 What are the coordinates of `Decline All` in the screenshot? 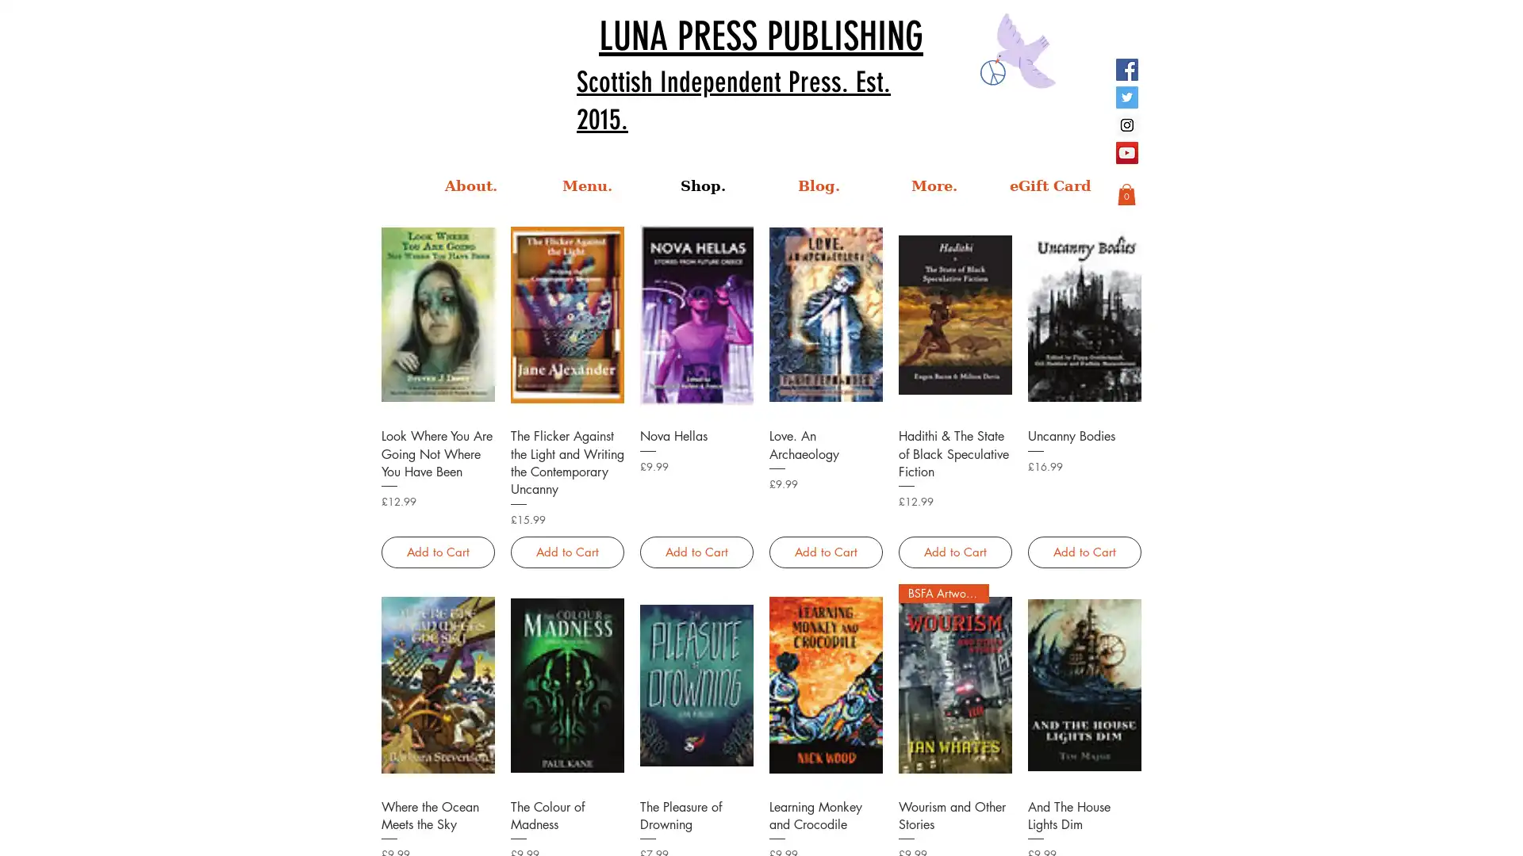 It's located at (1365, 830).